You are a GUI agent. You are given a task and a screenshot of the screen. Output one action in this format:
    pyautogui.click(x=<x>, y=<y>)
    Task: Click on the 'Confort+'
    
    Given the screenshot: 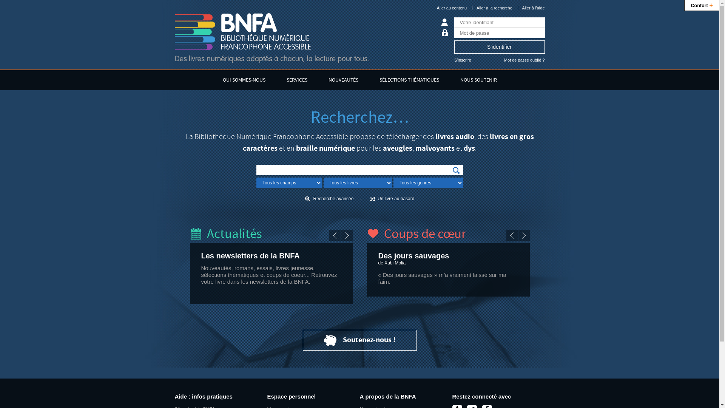 What is the action you would take?
    pyautogui.click(x=701, y=5)
    